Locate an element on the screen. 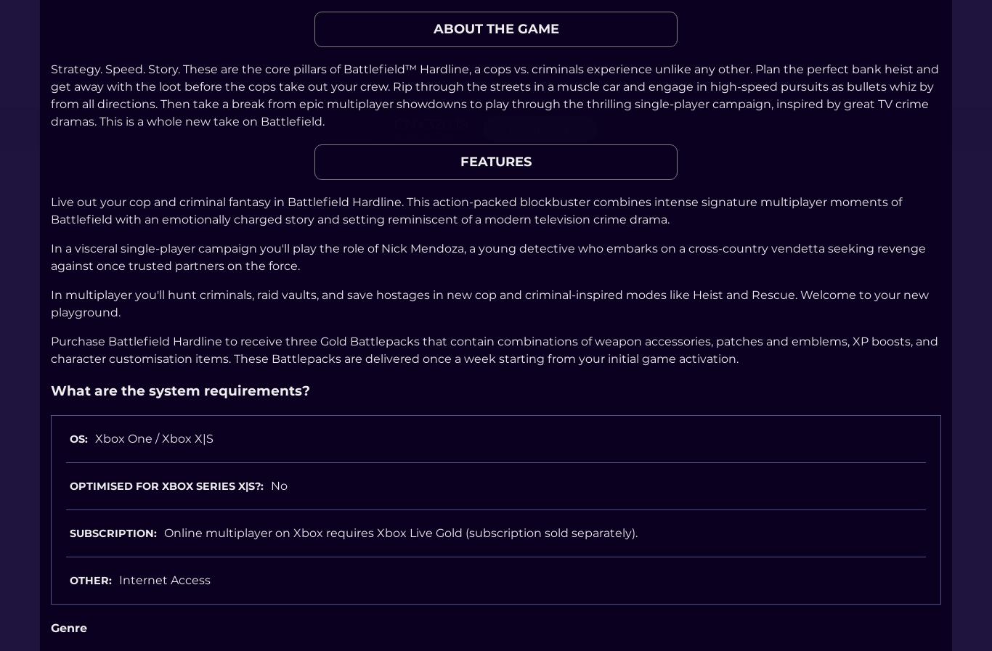 The height and width of the screenshot is (651, 992). 'CN¥548.99' is located at coordinates (423, 135).